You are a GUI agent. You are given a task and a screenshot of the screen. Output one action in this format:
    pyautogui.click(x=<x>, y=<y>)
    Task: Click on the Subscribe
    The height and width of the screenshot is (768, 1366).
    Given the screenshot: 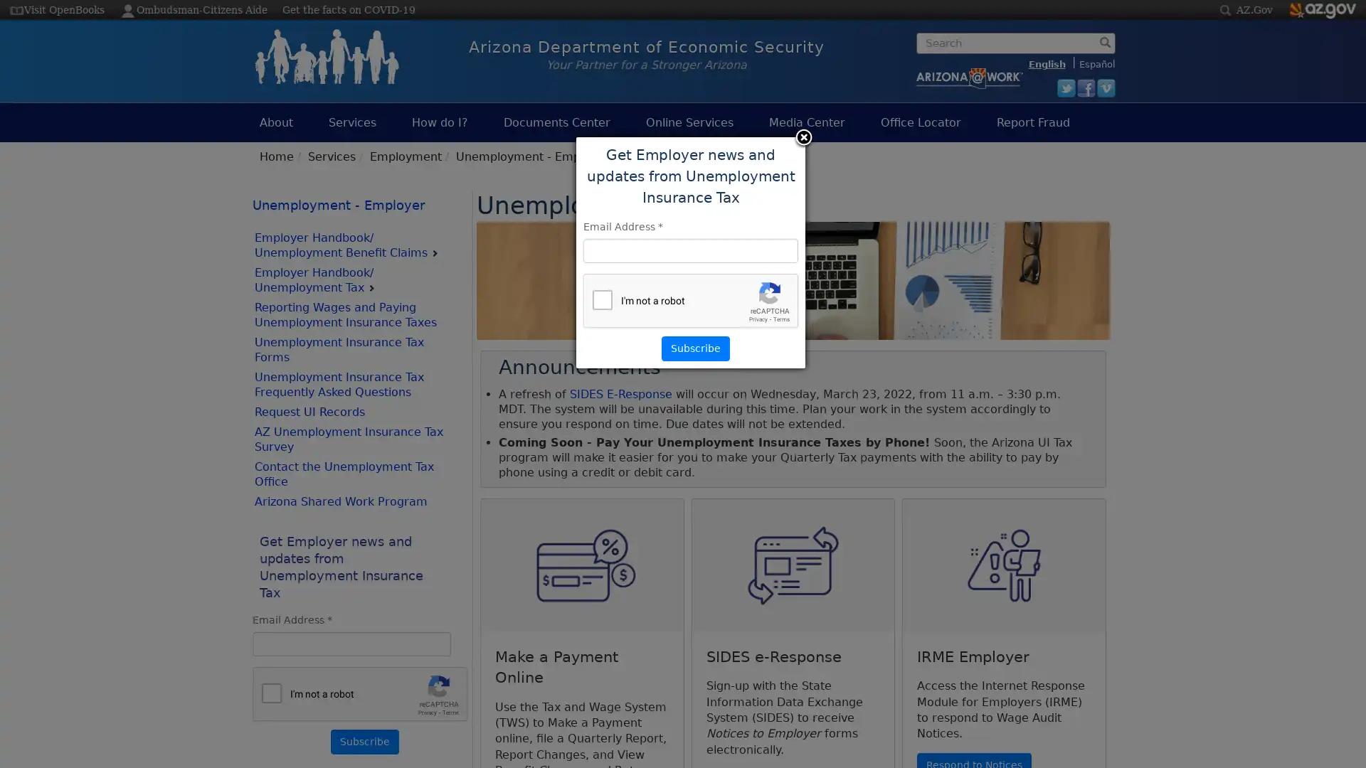 What is the action you would take?
    pyautogui.click(x=365, y=740)
    